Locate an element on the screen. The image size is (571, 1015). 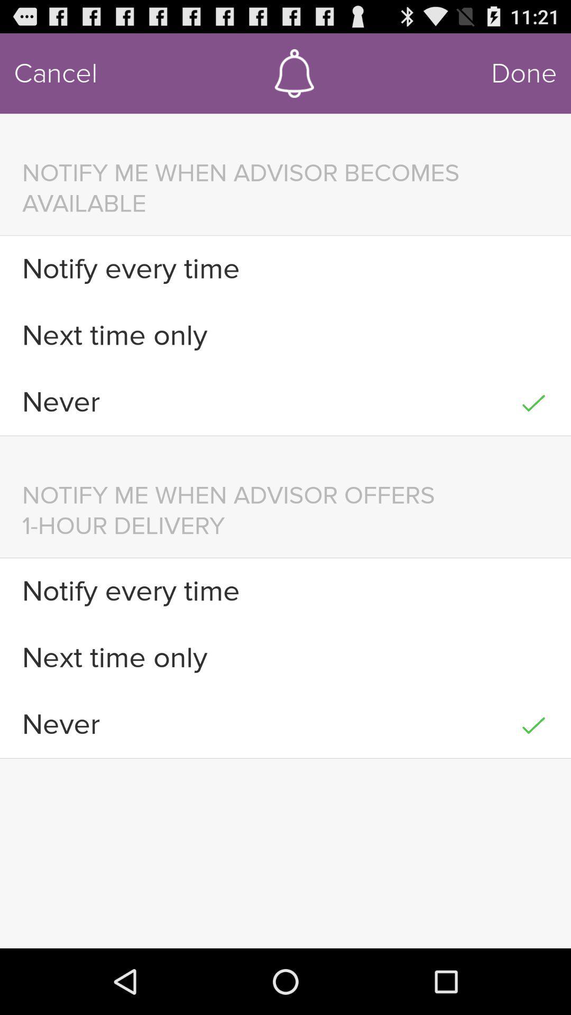
the item above notify me when icon is located at coordinates (524, 73).